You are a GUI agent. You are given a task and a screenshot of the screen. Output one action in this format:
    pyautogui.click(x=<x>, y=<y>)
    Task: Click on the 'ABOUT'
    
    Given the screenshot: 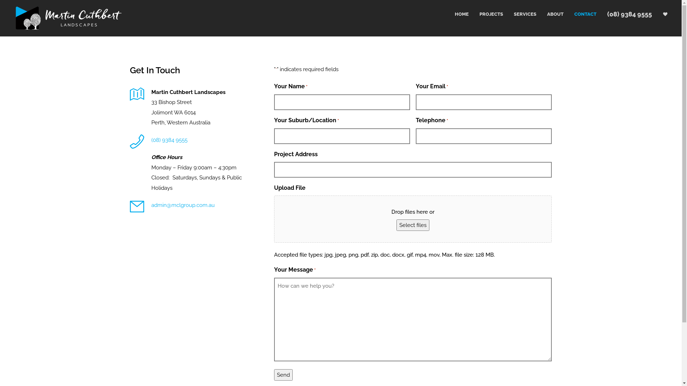 What is the action you would take?
    pyautogui.click(x=549, y=14)
    